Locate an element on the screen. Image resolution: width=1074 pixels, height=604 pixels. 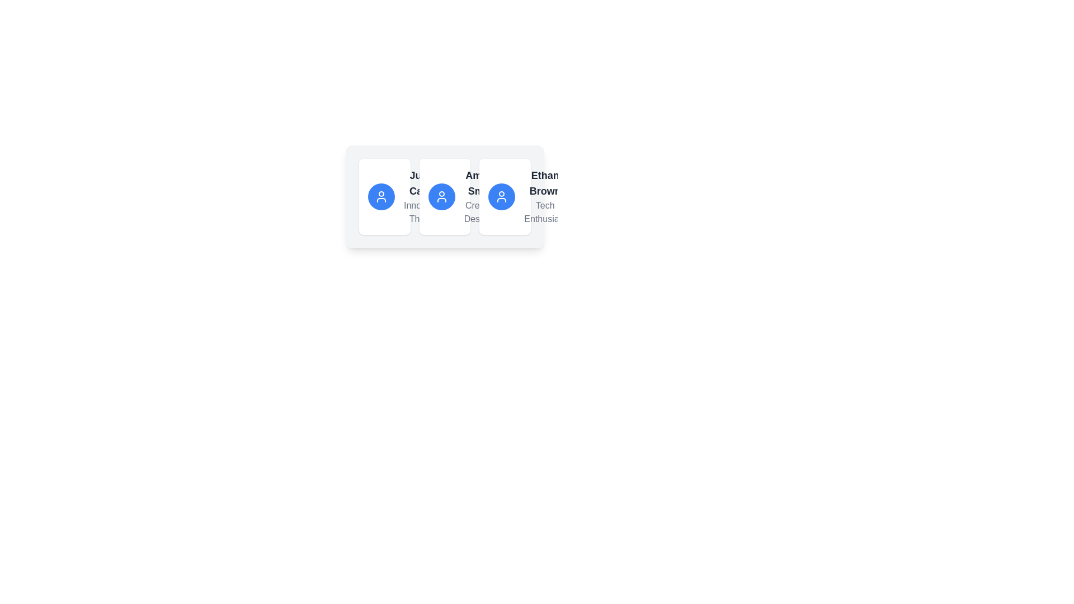
text from the profile card of 'Ethan Brown', which is located in the bottom-right corner of a three-column grid is located at coordinates (505, 196).